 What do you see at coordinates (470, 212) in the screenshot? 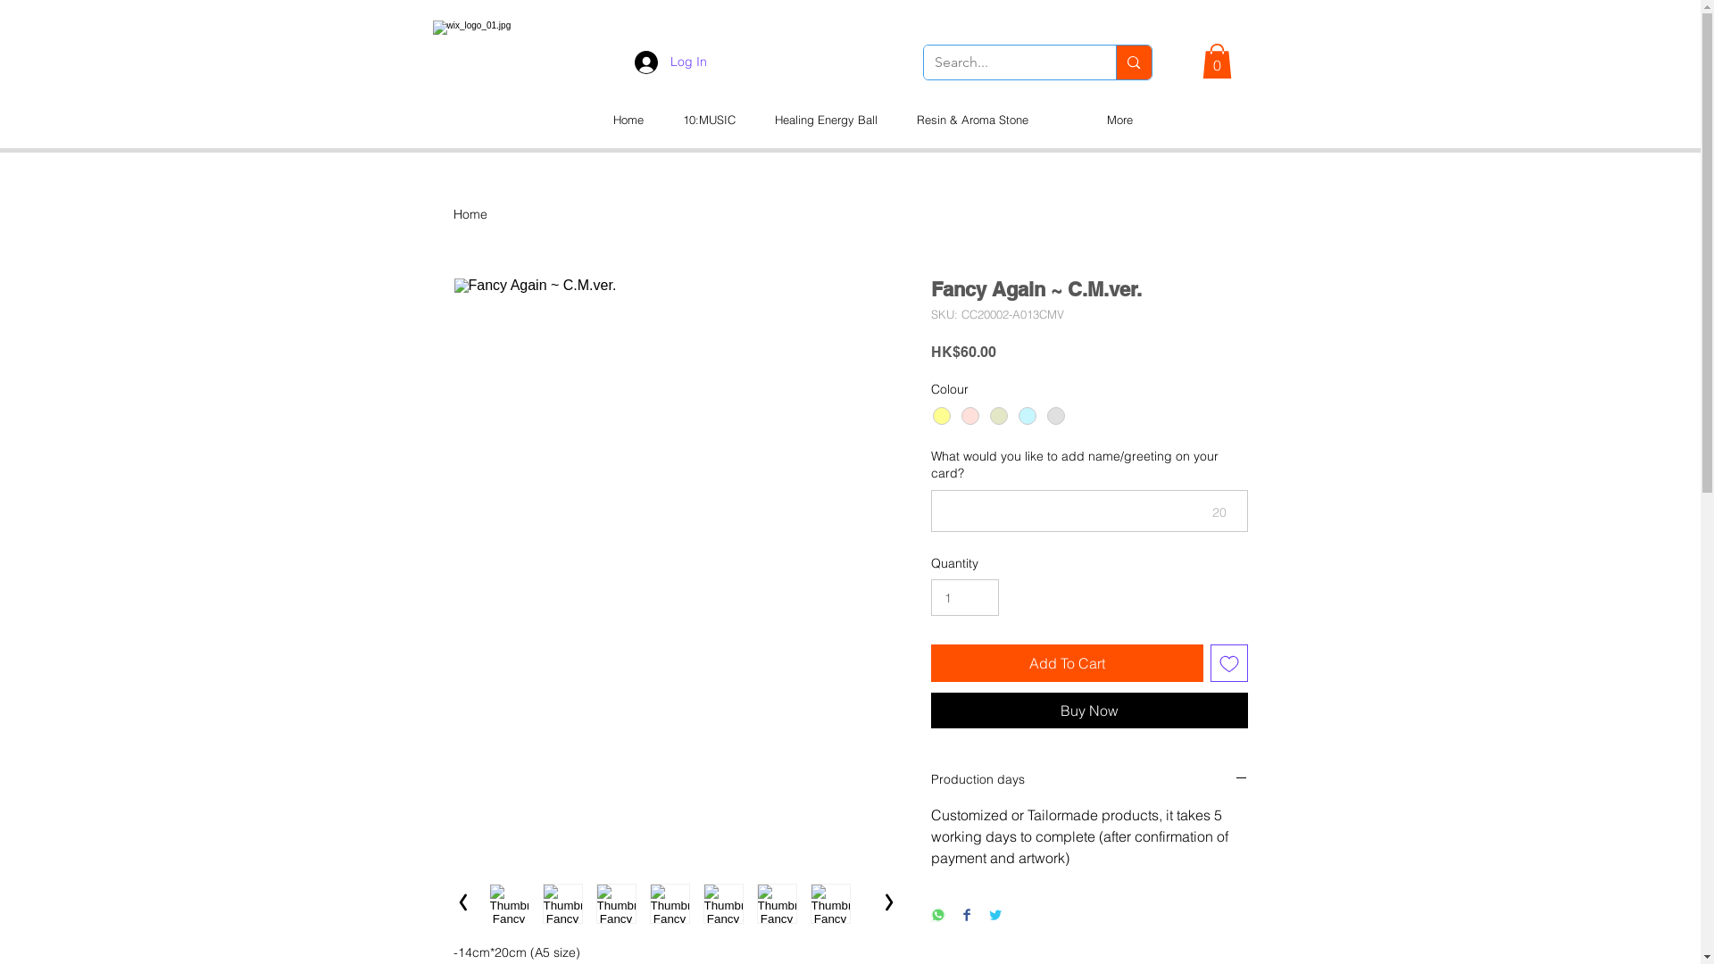
I see `'Home'` at bounding box center [470, 212].